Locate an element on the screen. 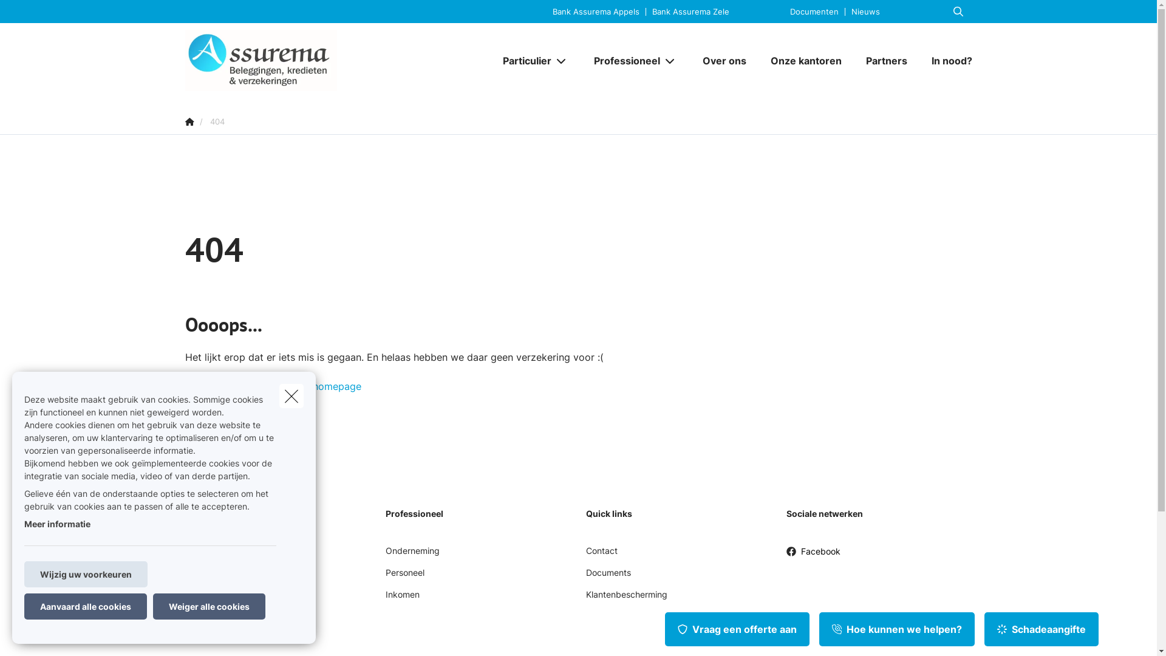 The width and height of the screenshot is (1166, 656). 'Onderneming' is located at coordinates (412, 555).